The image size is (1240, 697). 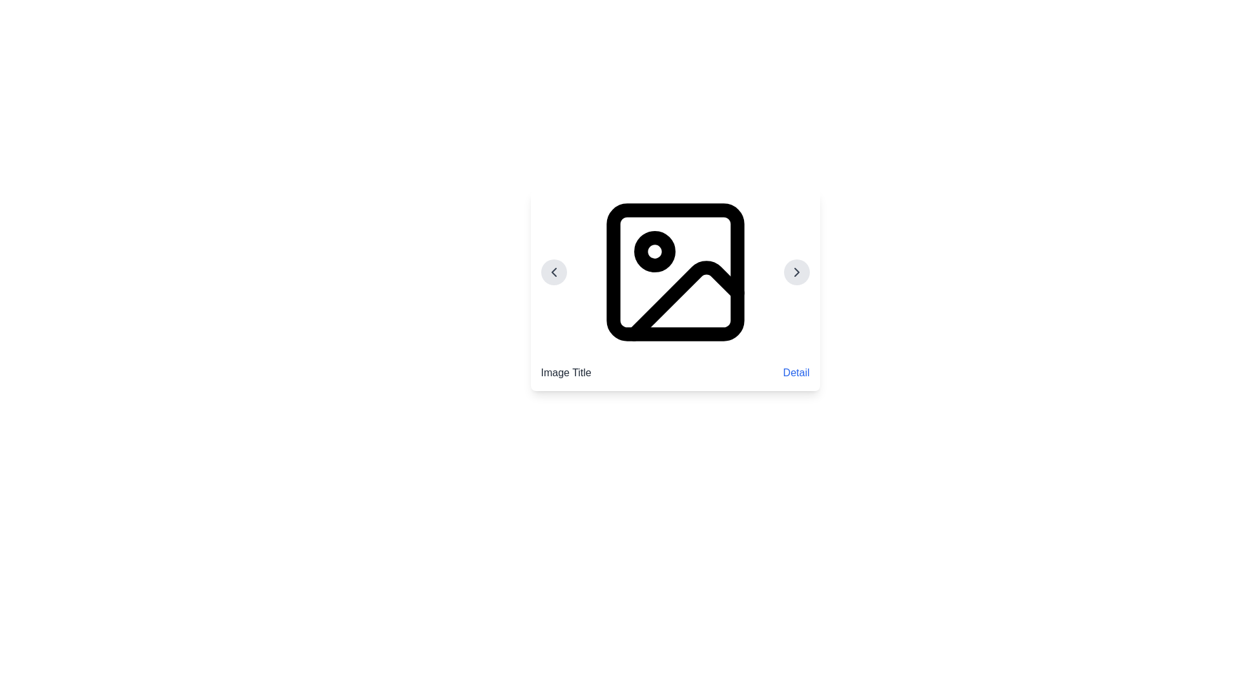 I want to click on the left-facing chevron arrow icon, so click(x=553, y=271).